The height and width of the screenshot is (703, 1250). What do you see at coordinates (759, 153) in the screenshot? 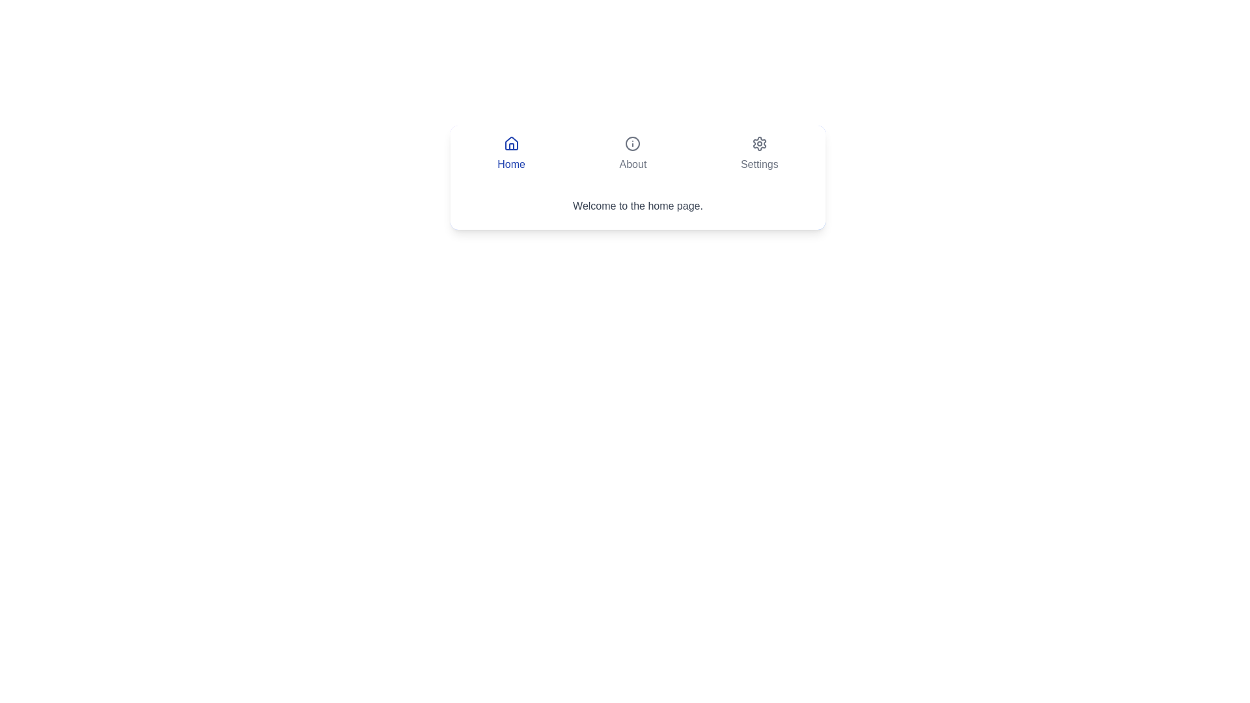
I see `the Settings tab by clicking its button` at bounding box center [759, 153].